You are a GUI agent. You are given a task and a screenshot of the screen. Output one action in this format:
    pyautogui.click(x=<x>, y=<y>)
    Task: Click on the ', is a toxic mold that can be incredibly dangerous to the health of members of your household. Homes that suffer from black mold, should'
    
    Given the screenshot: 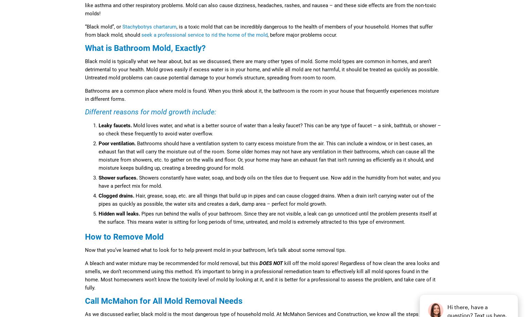 What is the action you would take?
    pyautogui.click(x=259, y=31)
    